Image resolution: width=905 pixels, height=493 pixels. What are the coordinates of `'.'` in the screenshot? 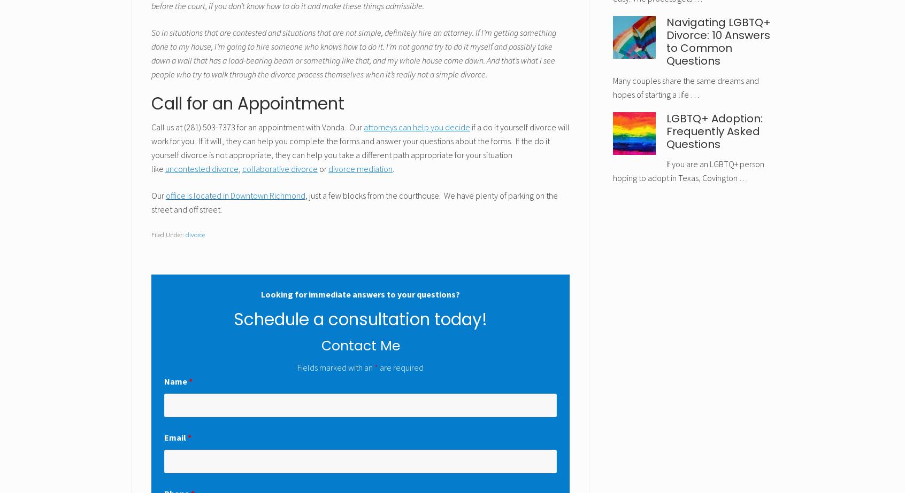 It's located at (393, 169).